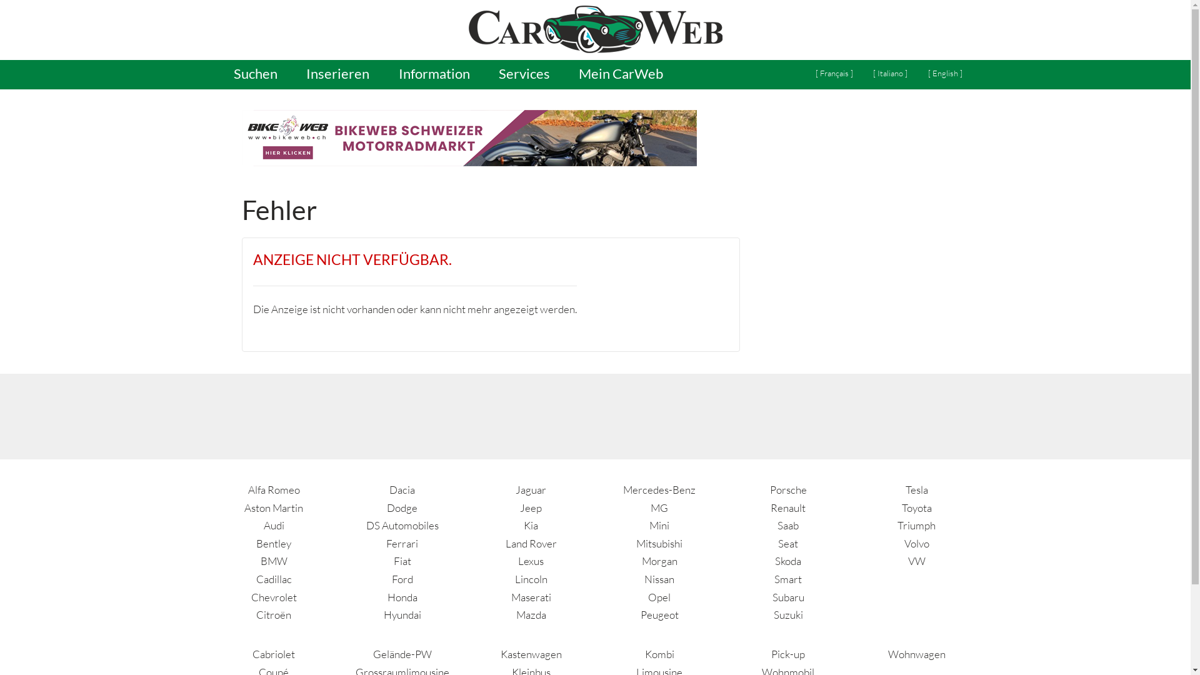 This screenshot has height=675, width=1200. I want to click on 'Alfa Romeo', so click(273, 489).